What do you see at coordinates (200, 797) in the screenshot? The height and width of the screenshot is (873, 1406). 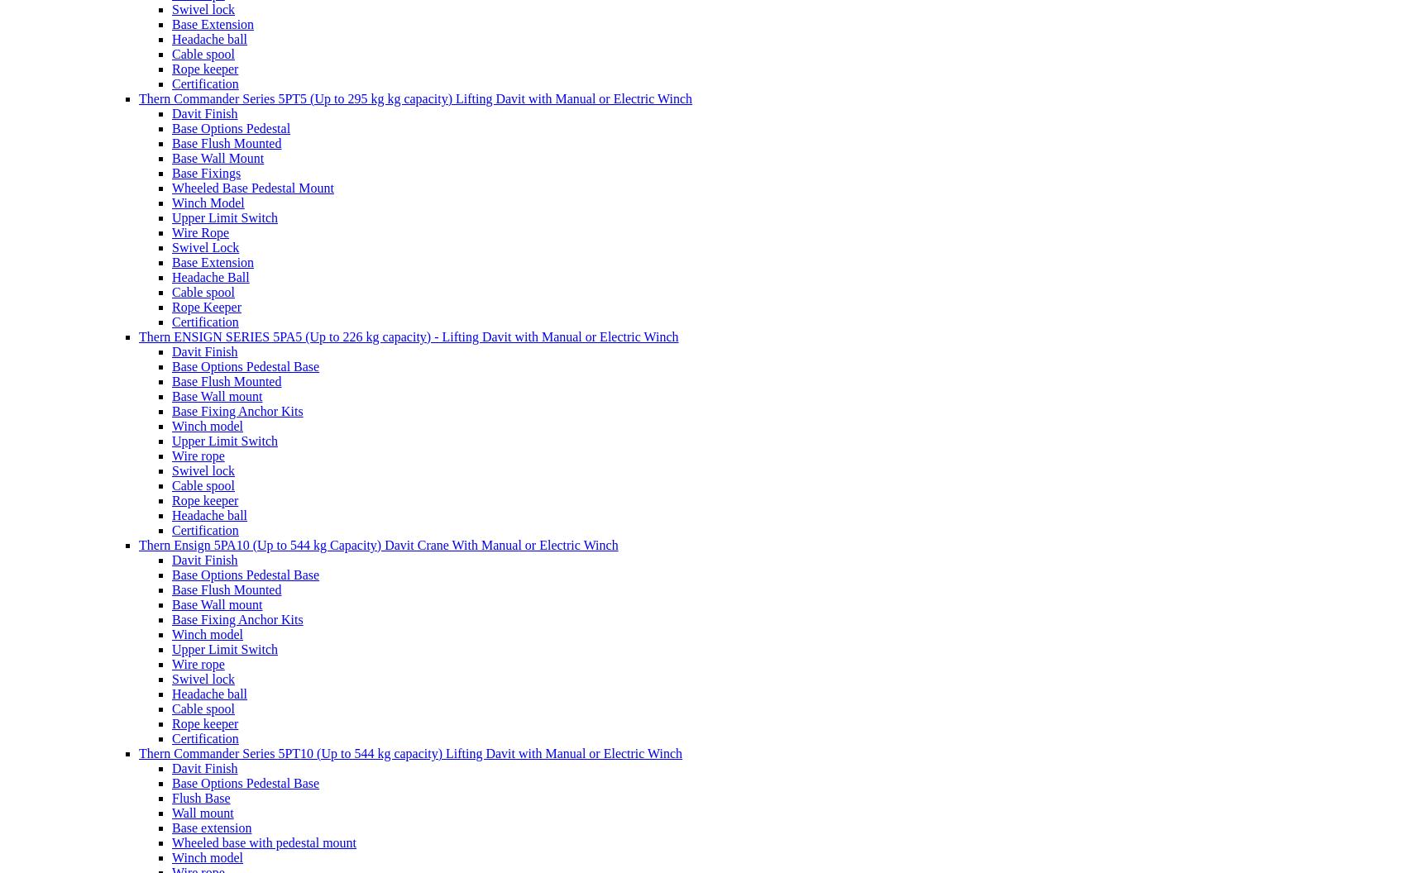 I see `'Flush Base'` at bounding box center [200, 797].